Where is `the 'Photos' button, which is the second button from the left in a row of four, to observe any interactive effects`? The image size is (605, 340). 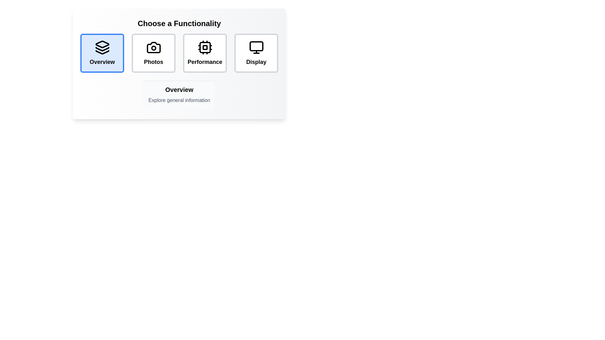
the 'Photos' button, which is the second button from the left in a row of four, to observe any interactive effects is located at coordinates (153, 53).